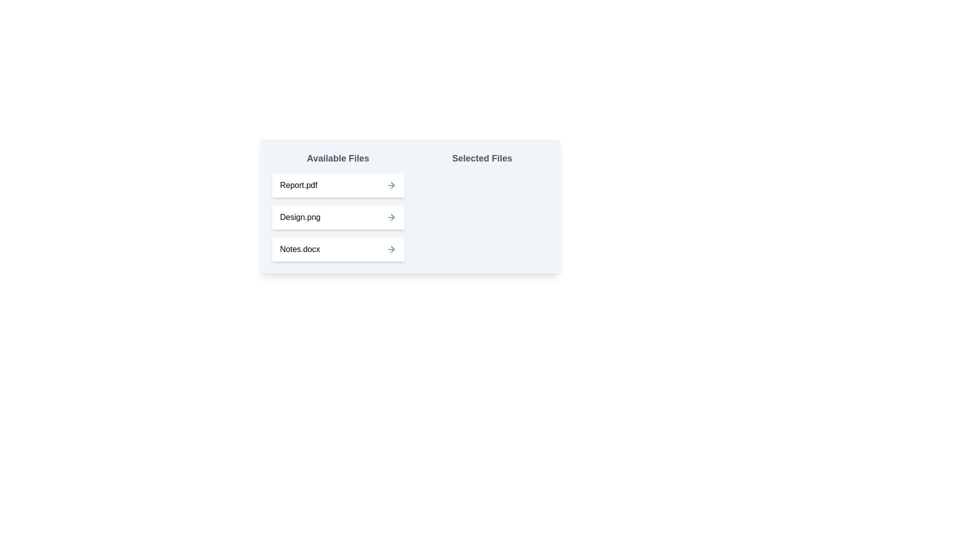 The height and width of the screenshot is (540, 961). Describe the element at coordinates (338, 205) in the screenshot. I see `the selectable file named 'Design.png' which is the second item in the 'Available Files' list` at that location.